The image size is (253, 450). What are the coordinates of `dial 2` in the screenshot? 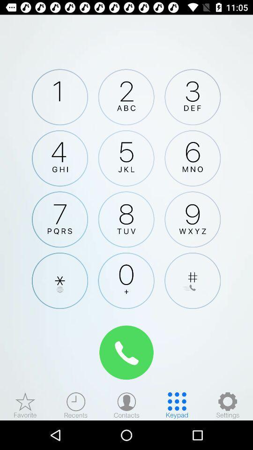 It's located at (126, 97).